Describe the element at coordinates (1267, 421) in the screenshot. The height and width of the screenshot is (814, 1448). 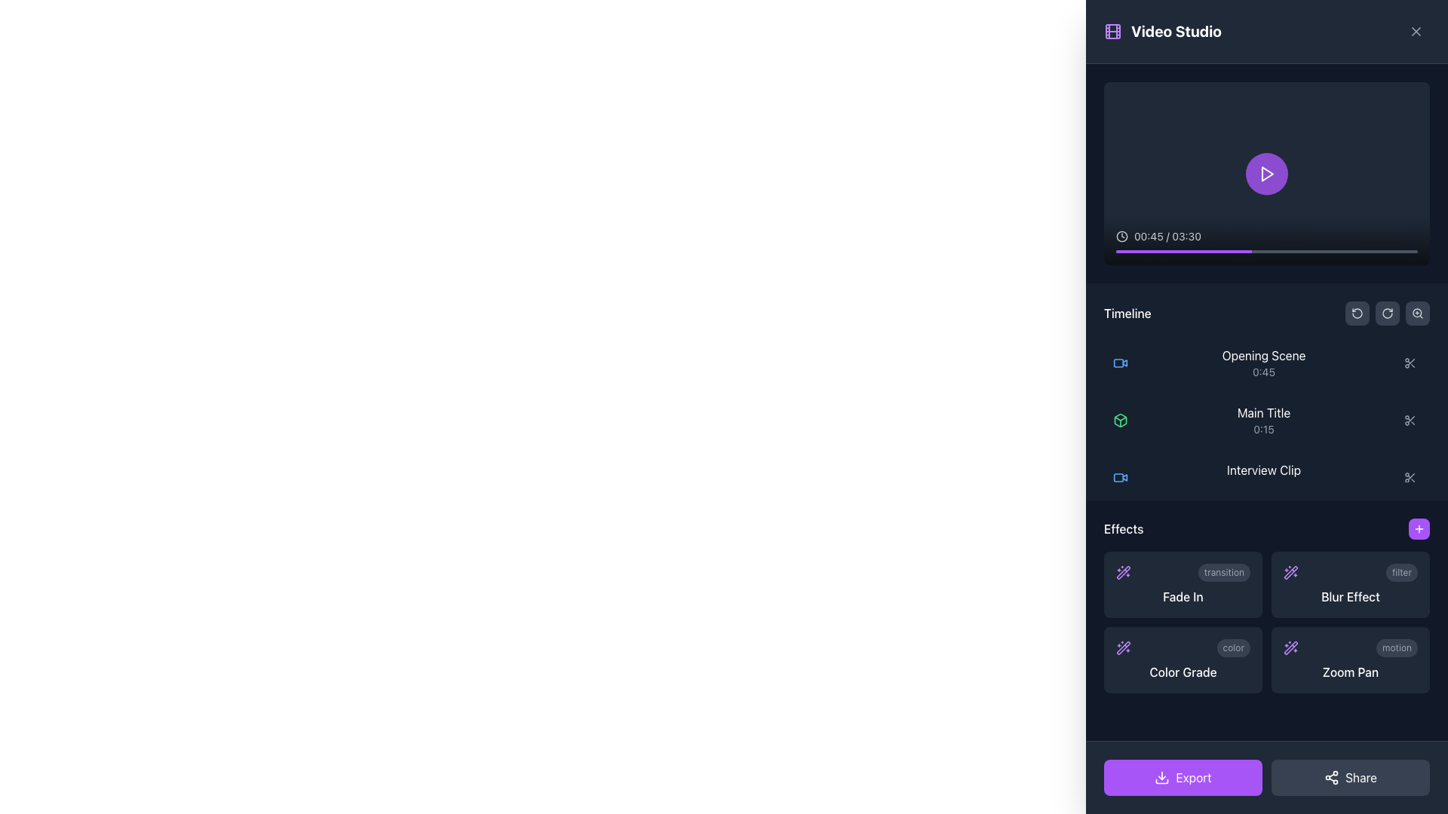
I see `the timeline entry labeled 'Main Title', which is the second entry` at that location.